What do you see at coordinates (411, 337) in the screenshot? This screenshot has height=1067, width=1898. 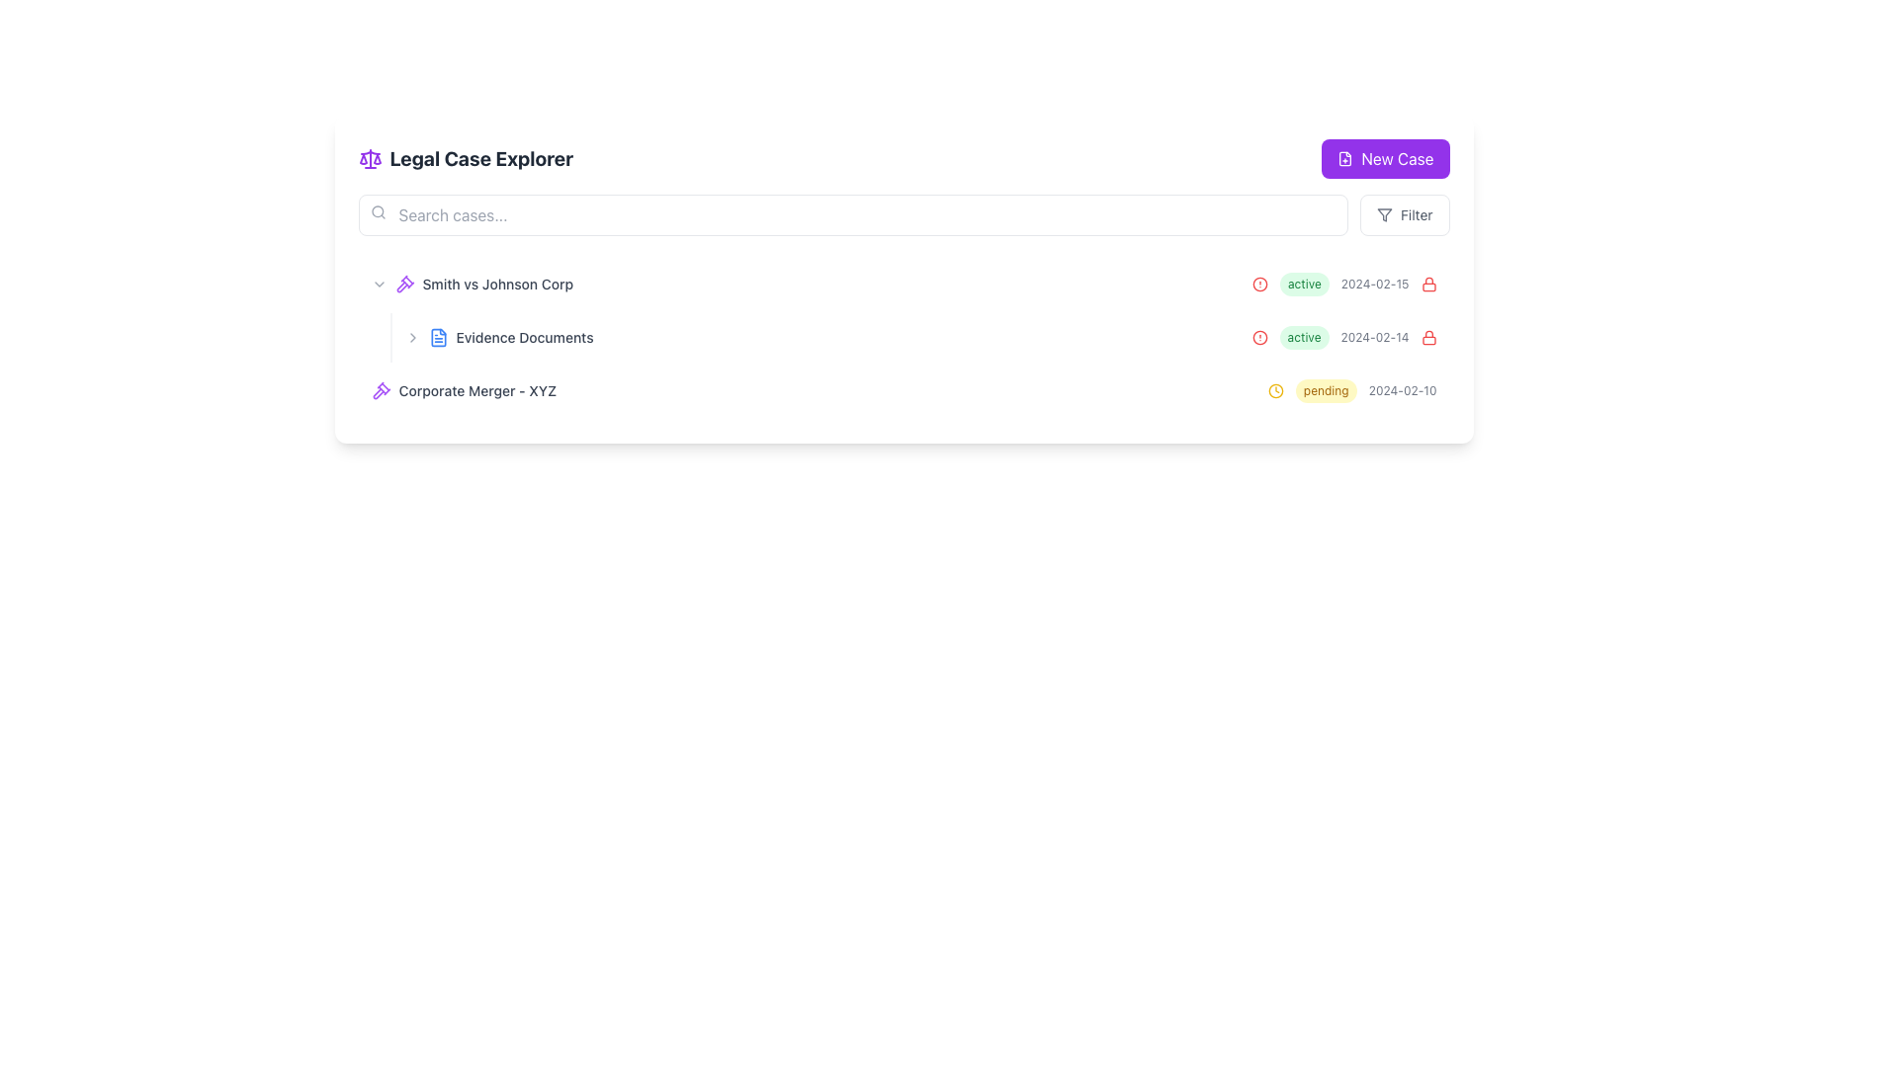 I see `the arrow button located to the left of the blue document icon, adjacent to the 'Evidence Documents' text, to interact with it` at bounding box center [411, 337].